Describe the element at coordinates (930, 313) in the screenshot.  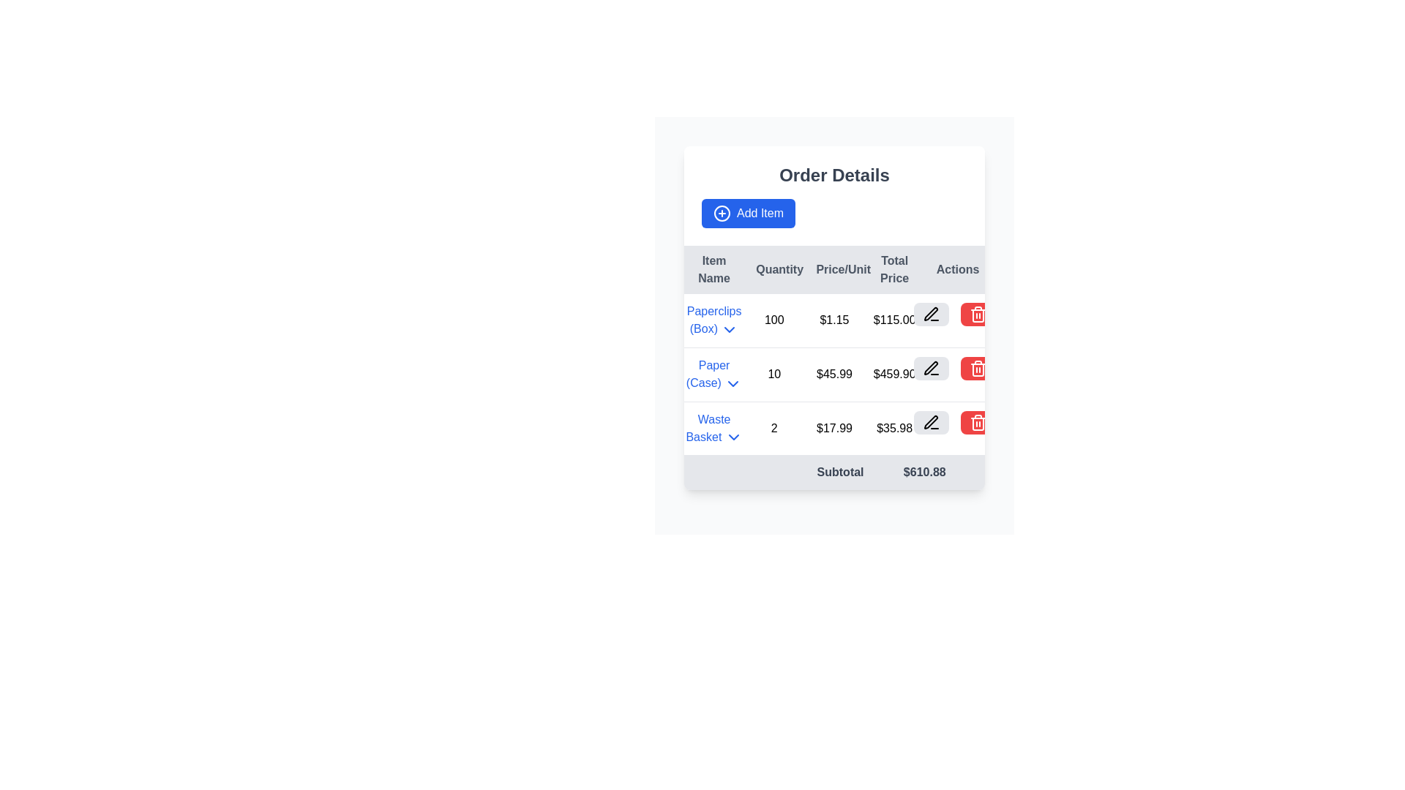
I see `the edit button for the table entry labeled 'Paperclips (Box)'` at that location.